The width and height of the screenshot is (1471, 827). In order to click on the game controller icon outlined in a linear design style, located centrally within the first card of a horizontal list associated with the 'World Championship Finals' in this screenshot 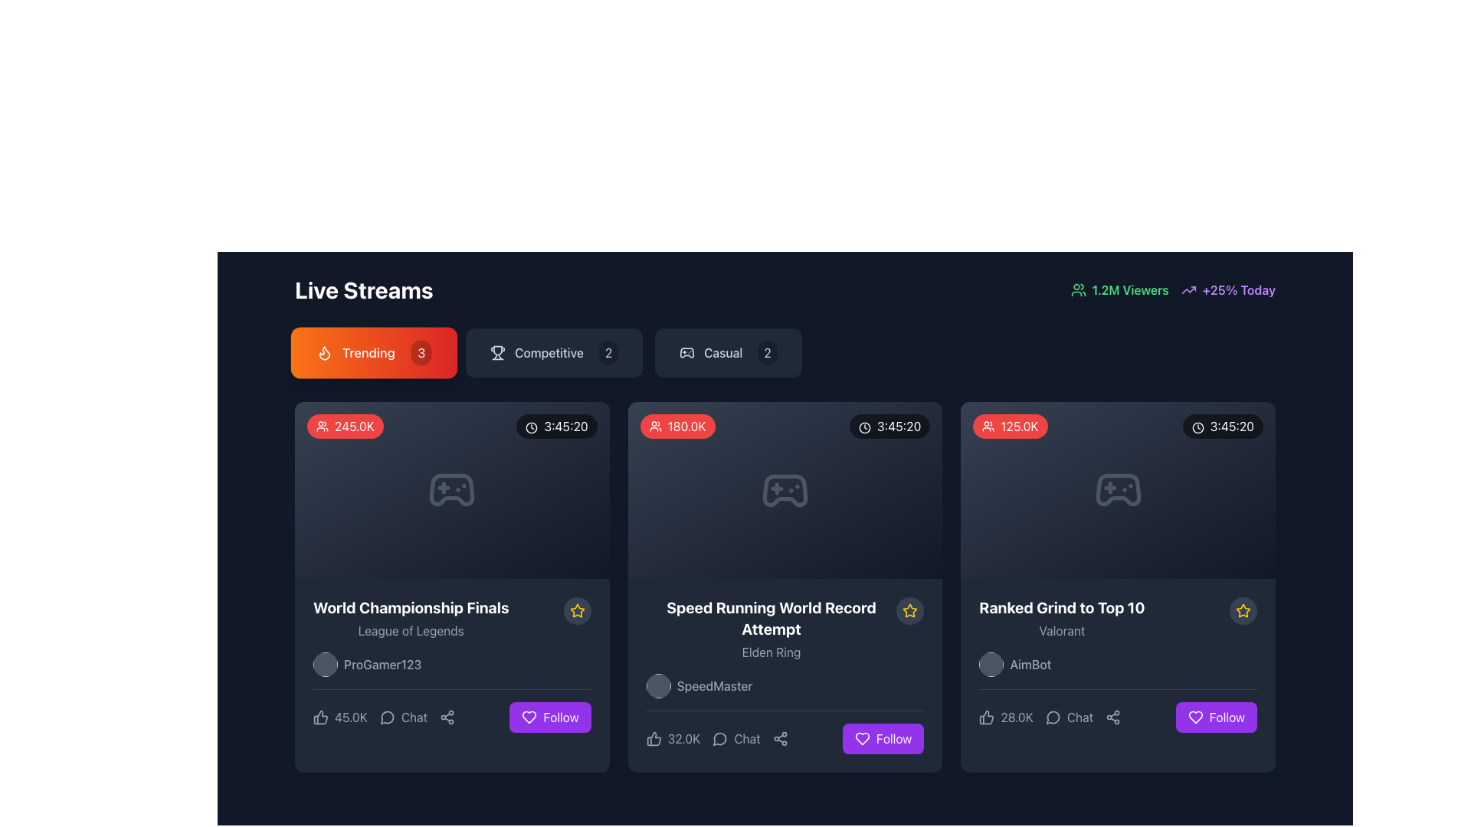, I will do `click(451, 490)`.